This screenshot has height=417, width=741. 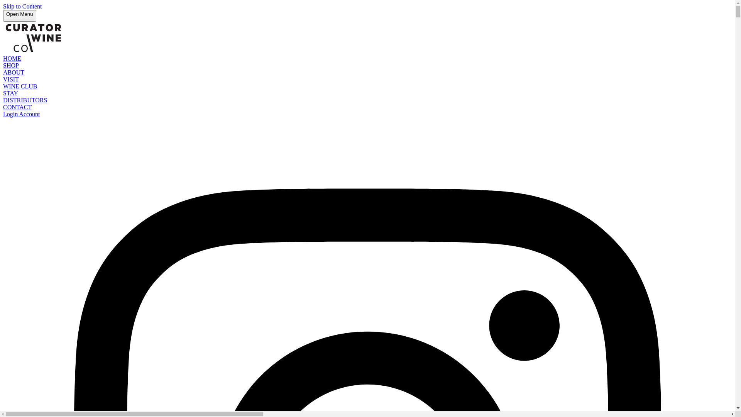 What do you see at coordinates (3, 16) in the screenshot?
I see `'Open Menu'` at bounding box center [3, 16].